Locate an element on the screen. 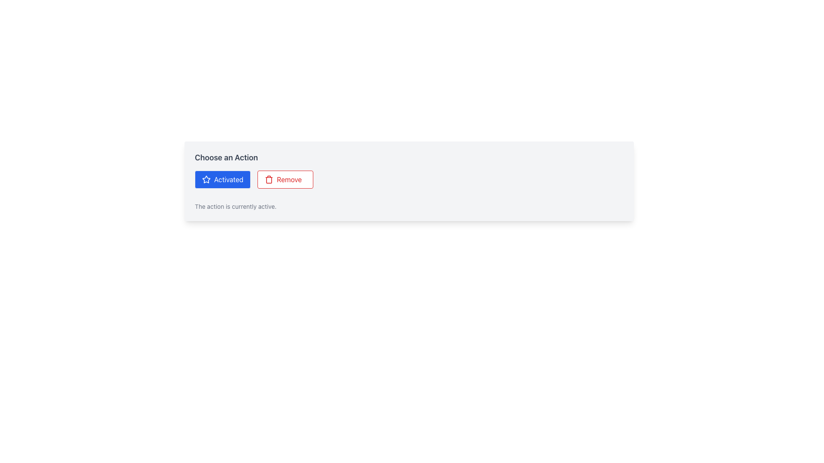  the delete icon located within the 'Remove' button, which is aligned to the right of the 'Activated' button is located at coordinates (269, 179).